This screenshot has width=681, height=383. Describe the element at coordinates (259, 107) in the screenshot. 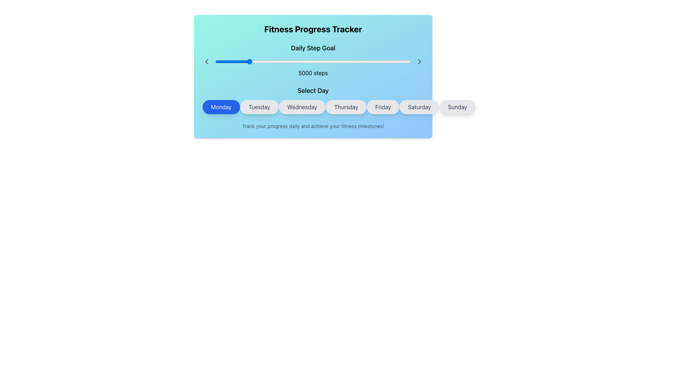

I see `the 'Tuesday' button using keyboard navigation` at that location.